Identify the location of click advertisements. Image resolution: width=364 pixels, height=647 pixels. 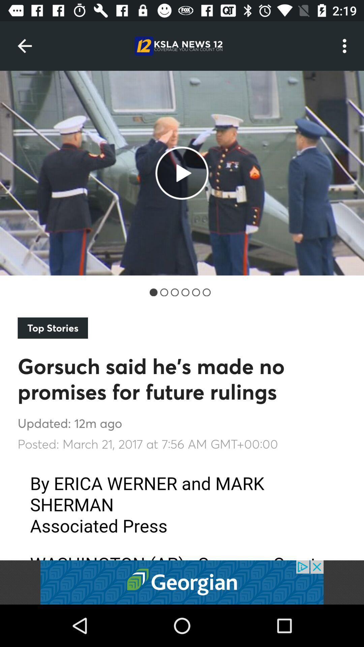
(182, 582).